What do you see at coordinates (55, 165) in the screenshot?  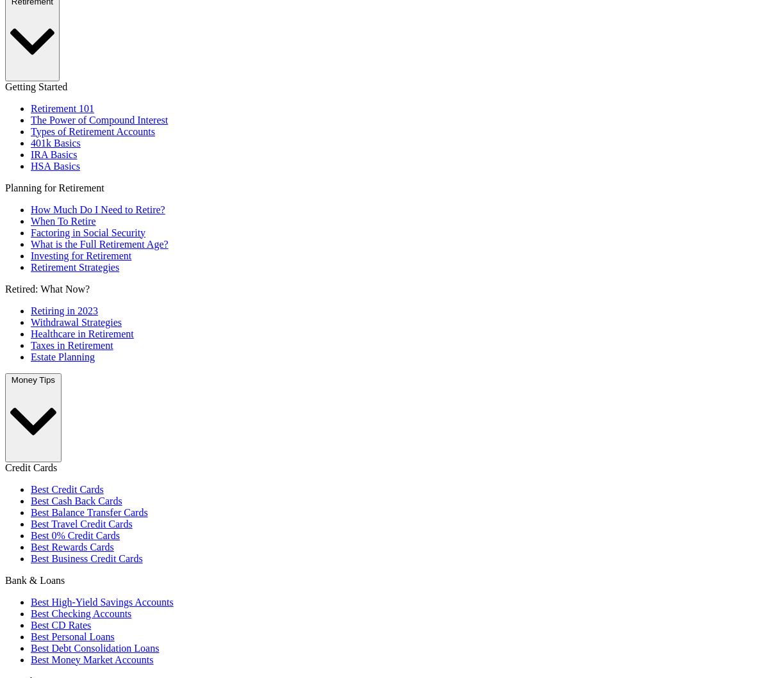 I see `'HSA Basics'` at bounding box center [55, 165].